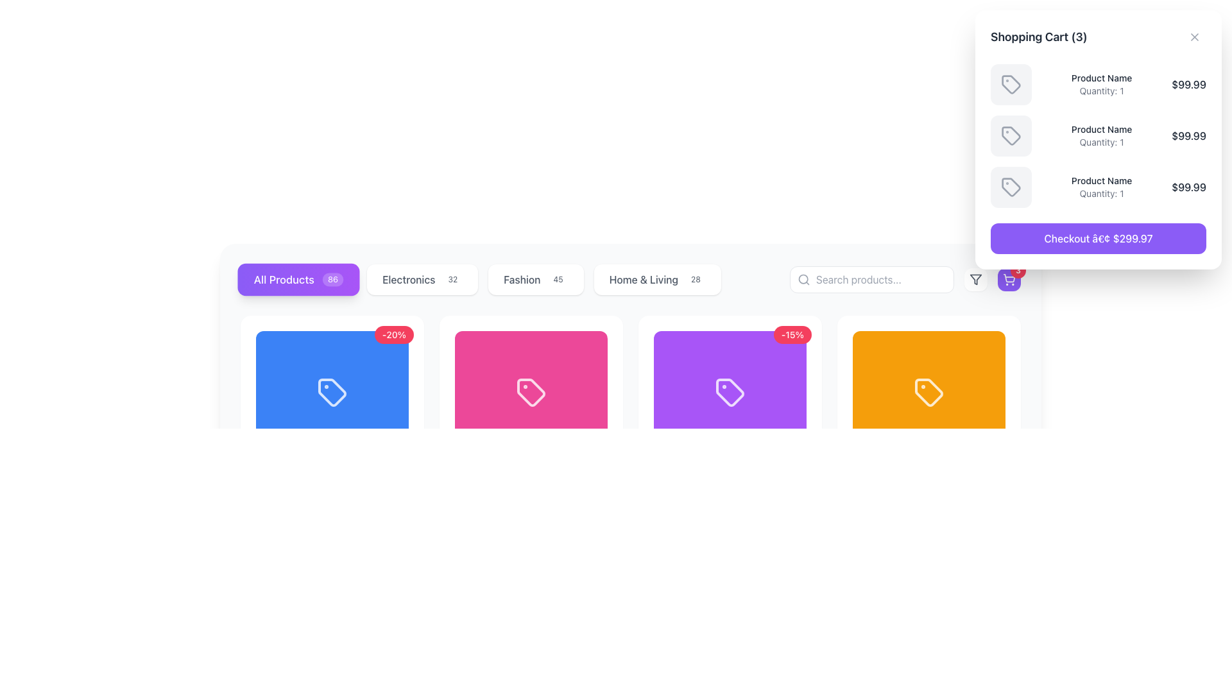  I want to click on the text display that shows the product's name and quantity, which is the second item in the shopping cart listing, located to the right of a box icon and to the left of a price label displaying '$99.99', so click(1101, 136).